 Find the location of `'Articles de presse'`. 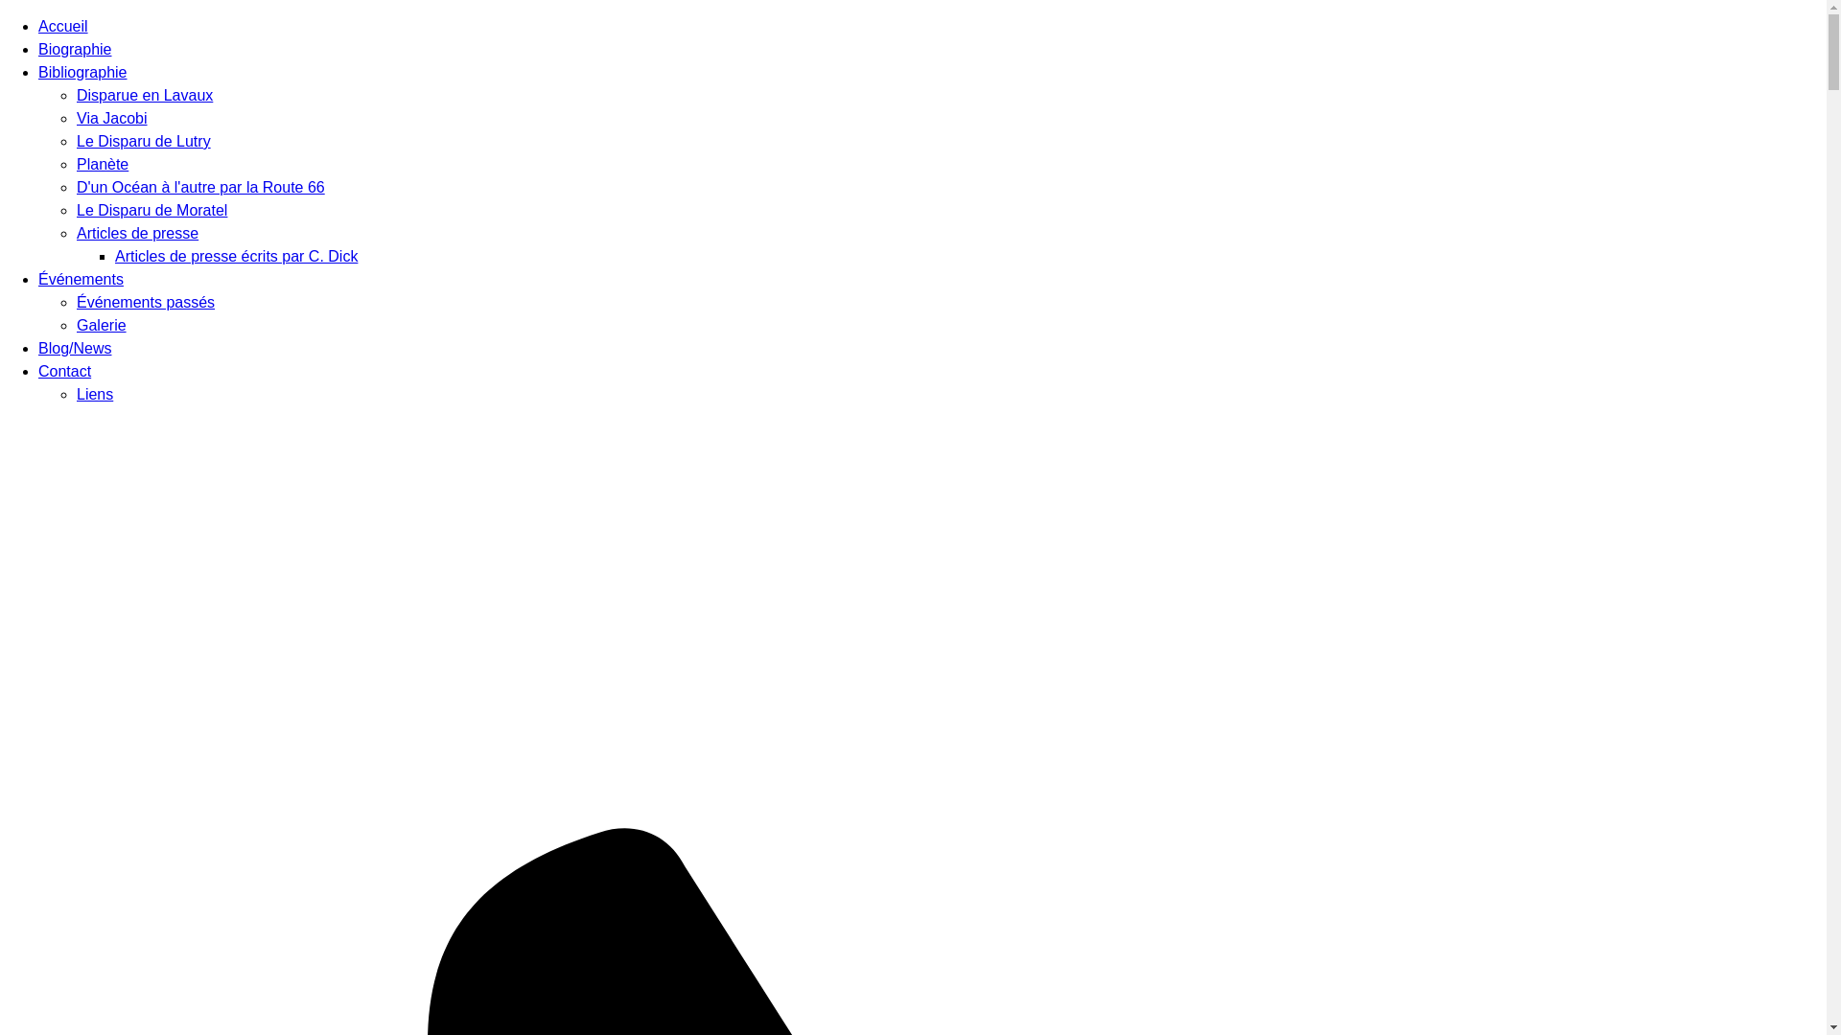

'Articles de presse' is located at coordinates (136, 232).